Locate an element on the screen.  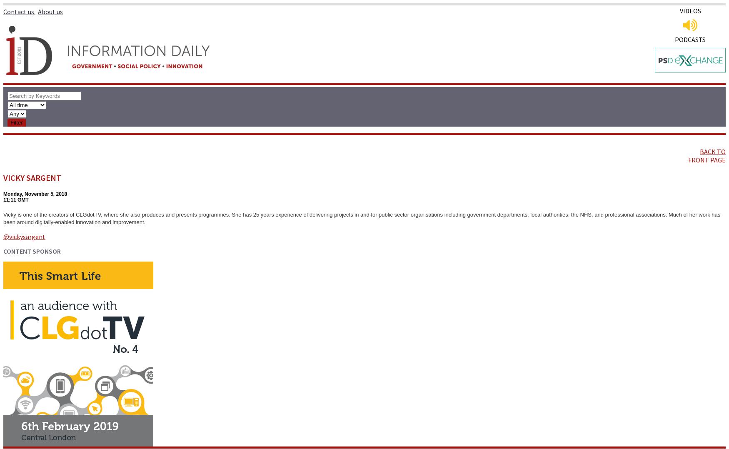
'BACK TO' is located at coordinates (712, 152).